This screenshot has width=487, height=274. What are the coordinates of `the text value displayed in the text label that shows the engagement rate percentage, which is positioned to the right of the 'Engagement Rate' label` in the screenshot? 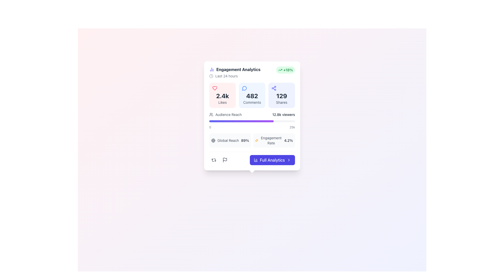 It's located at (288, 141).